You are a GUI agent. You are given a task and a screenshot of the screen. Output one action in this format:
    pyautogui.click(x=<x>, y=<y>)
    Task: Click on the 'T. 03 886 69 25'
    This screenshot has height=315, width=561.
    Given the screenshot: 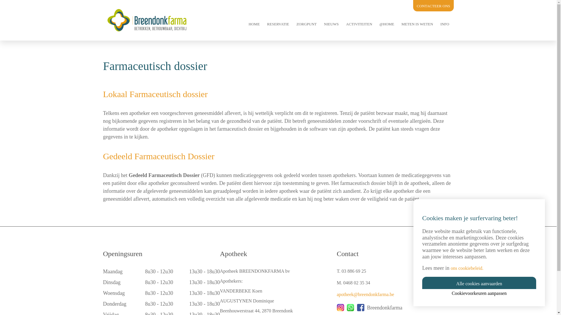 What is the action you would take?
    pyautogui.click(x=351, y=271)
    